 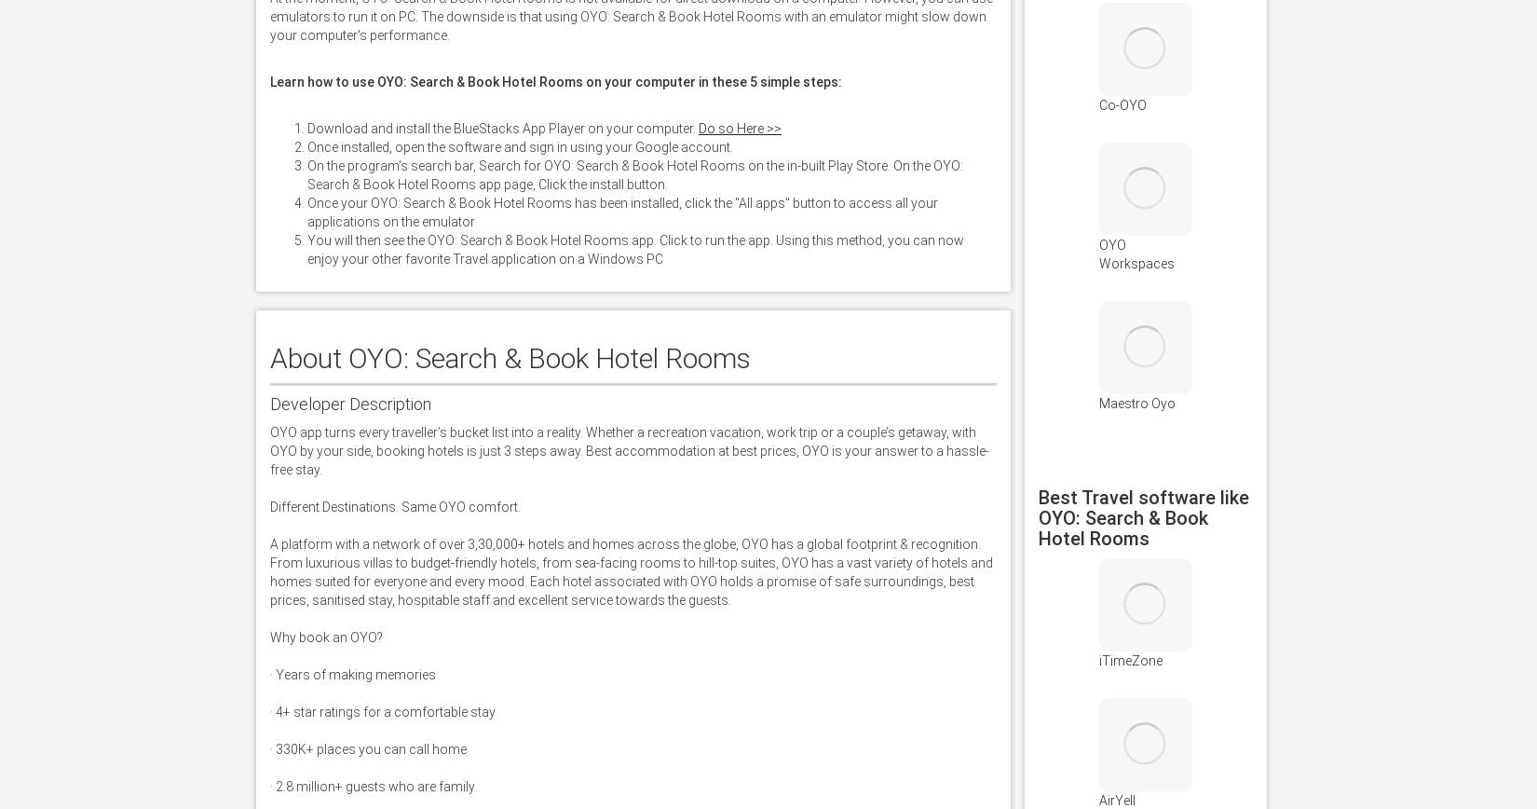 What do you see at coordinates (739, 129) in the screenshot?
I see `'Do so Here >>'` at bounding box center [739, 129].